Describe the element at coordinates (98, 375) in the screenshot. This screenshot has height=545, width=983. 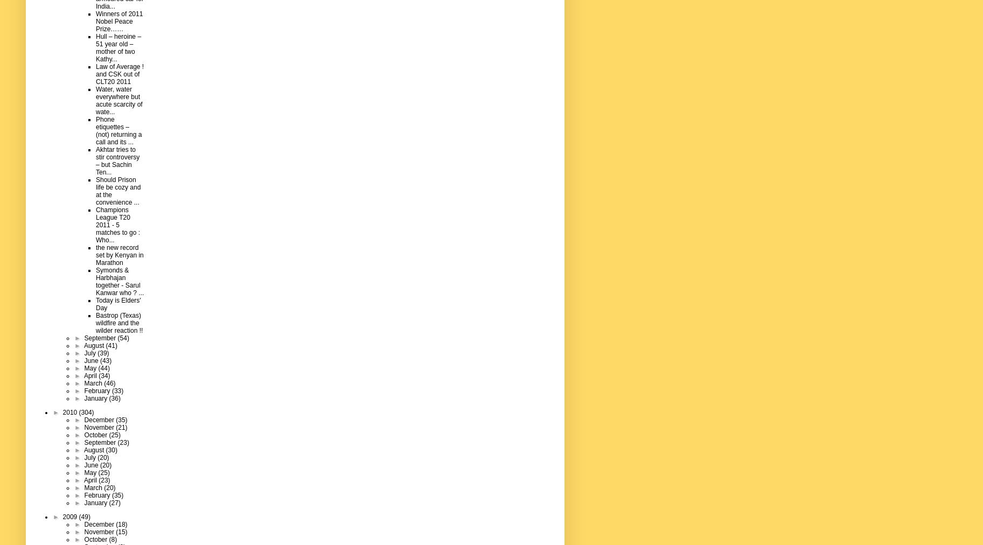
I see `'(34)'` at that location.